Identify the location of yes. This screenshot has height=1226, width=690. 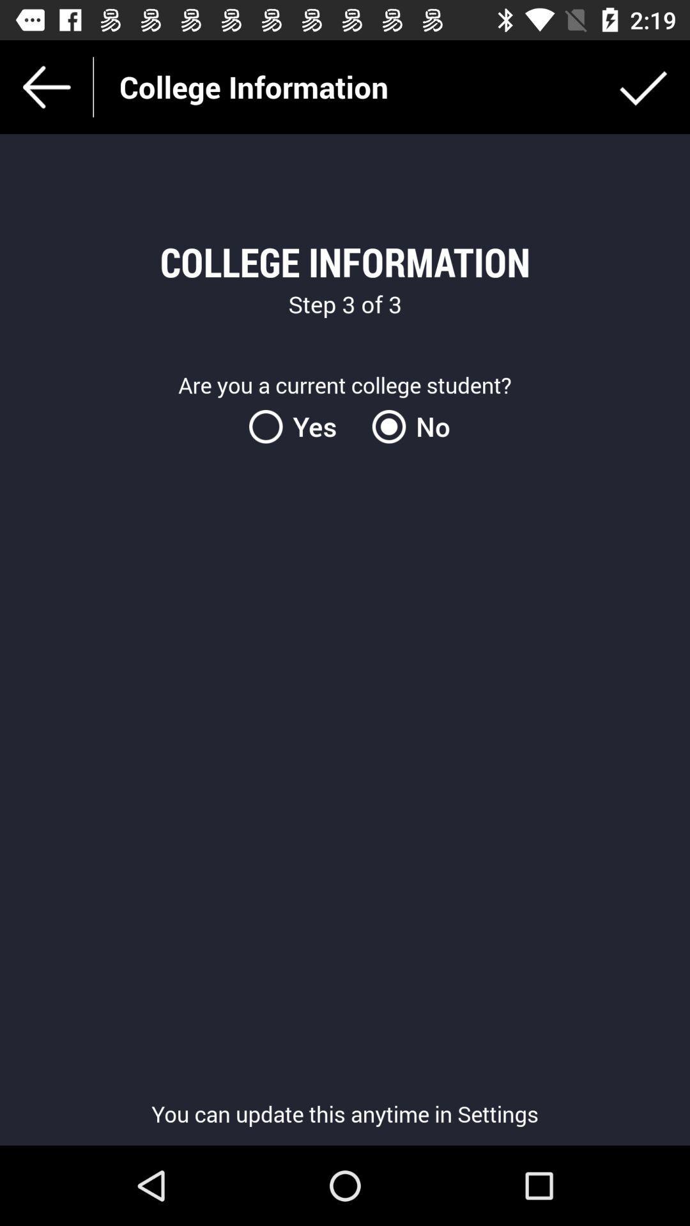
(300, 427).